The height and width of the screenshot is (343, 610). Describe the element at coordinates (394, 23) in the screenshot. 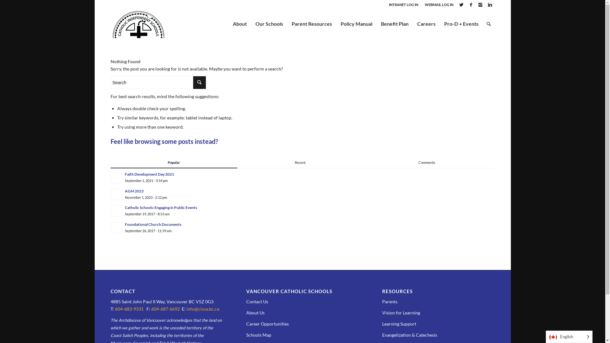

I see `'Benefit Plan'` at that location.